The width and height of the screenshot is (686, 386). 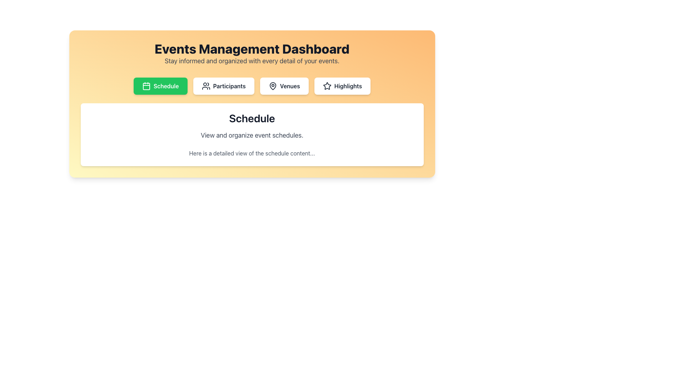 I want to click on the 'Participants' button, which features a user icon on the left and is located between the 'Schedule' and 'Venues' buttons in the Events Management Dashboard, so click(x=223, y=85).